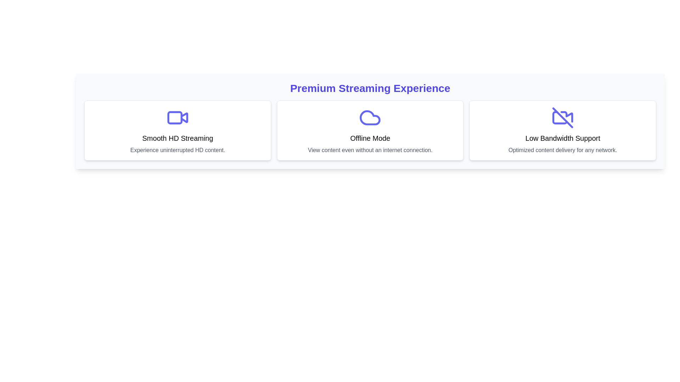 This screenshot has height=382, width=680. Describe the element at coordinates (370, 150) in the screenshot. I see `the text element styled in gray that reads 'View content even without an internet connection.' positioned below the title 'Offline Mode'` at that location.